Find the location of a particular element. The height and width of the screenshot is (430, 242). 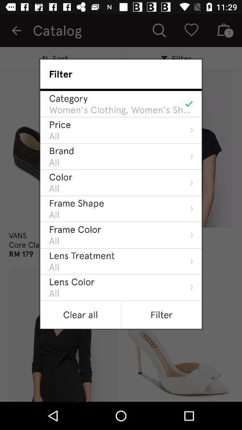

the frame color icon is located at coordinates (74, 229).